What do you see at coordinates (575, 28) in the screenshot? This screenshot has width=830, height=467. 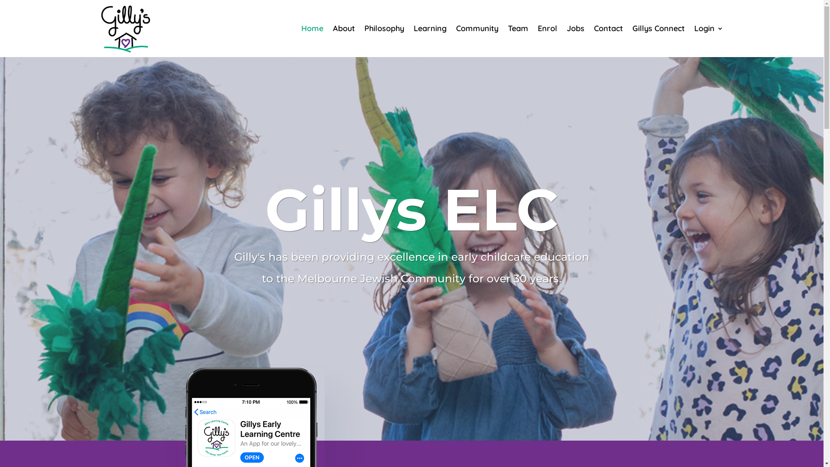 I see `'Jobs'` at bounding box center [575, 28].